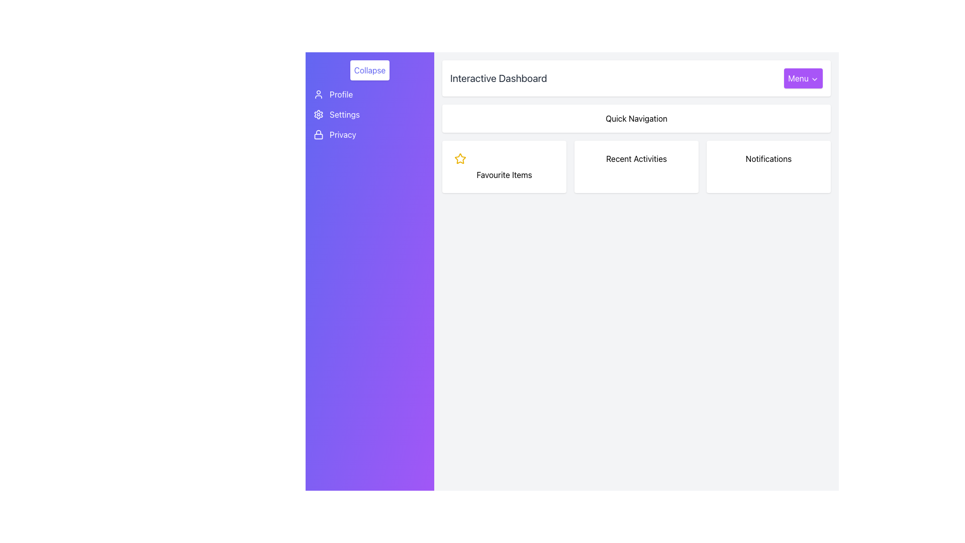  Describe the element at coordinates (369, 114) in the screenshot. I see `the second item in the vertical navigation menu, which is labeled 'Settings'` at that location.